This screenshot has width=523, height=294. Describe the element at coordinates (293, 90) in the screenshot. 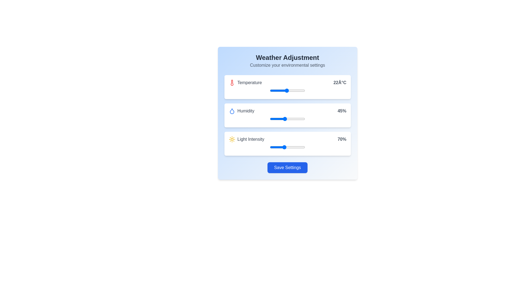

I see `the temperature` at that location.